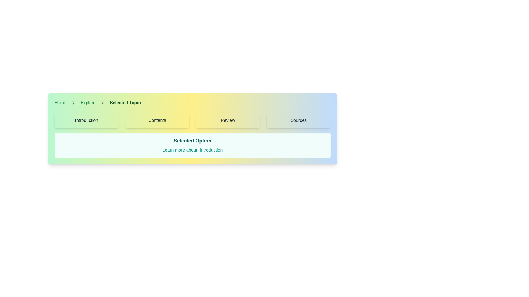 Image resolution: width=529 pixels, height=297 pixels. I want to click on the text label displaying 'Introduction', which is centered within a light background and surrounded by a subtle shadow, so click(86, 120).